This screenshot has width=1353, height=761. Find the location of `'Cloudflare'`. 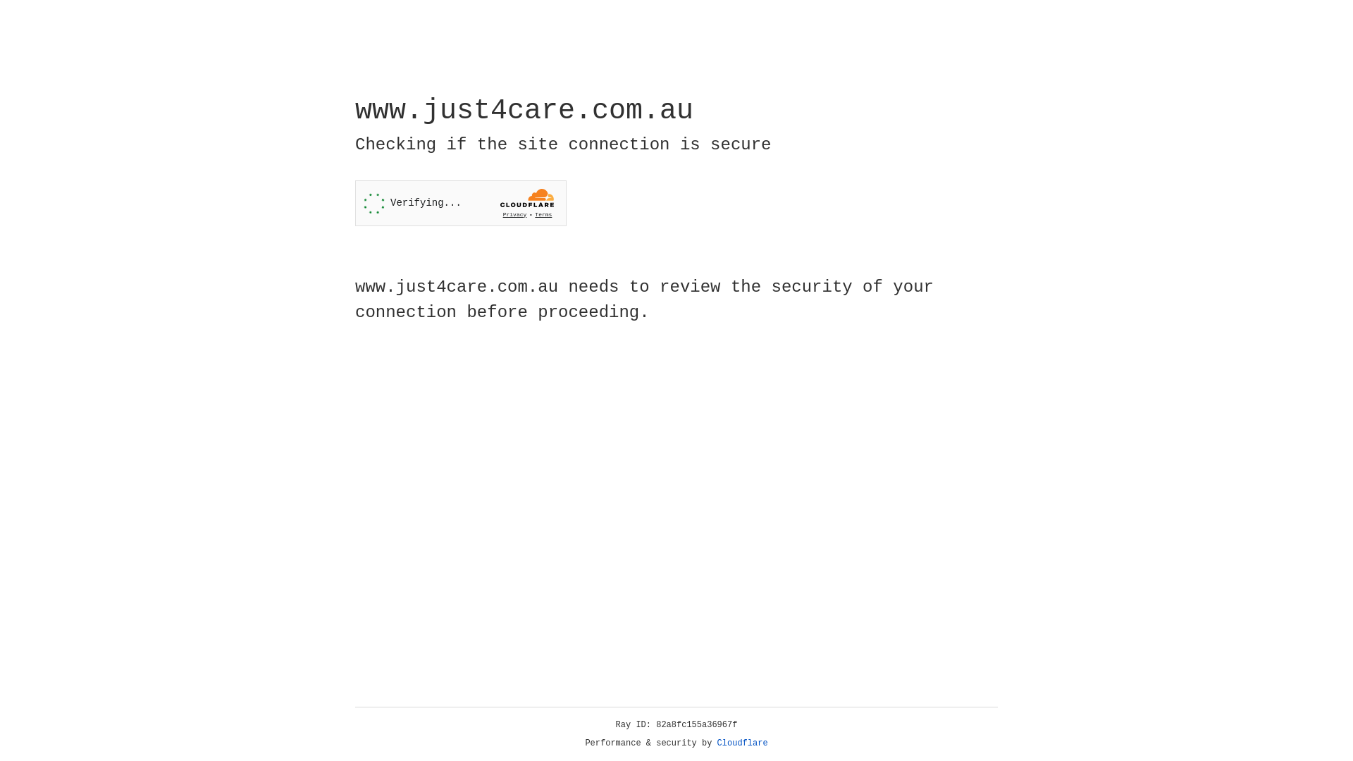

'Cloudflare' is located at coordinates (742, 743).